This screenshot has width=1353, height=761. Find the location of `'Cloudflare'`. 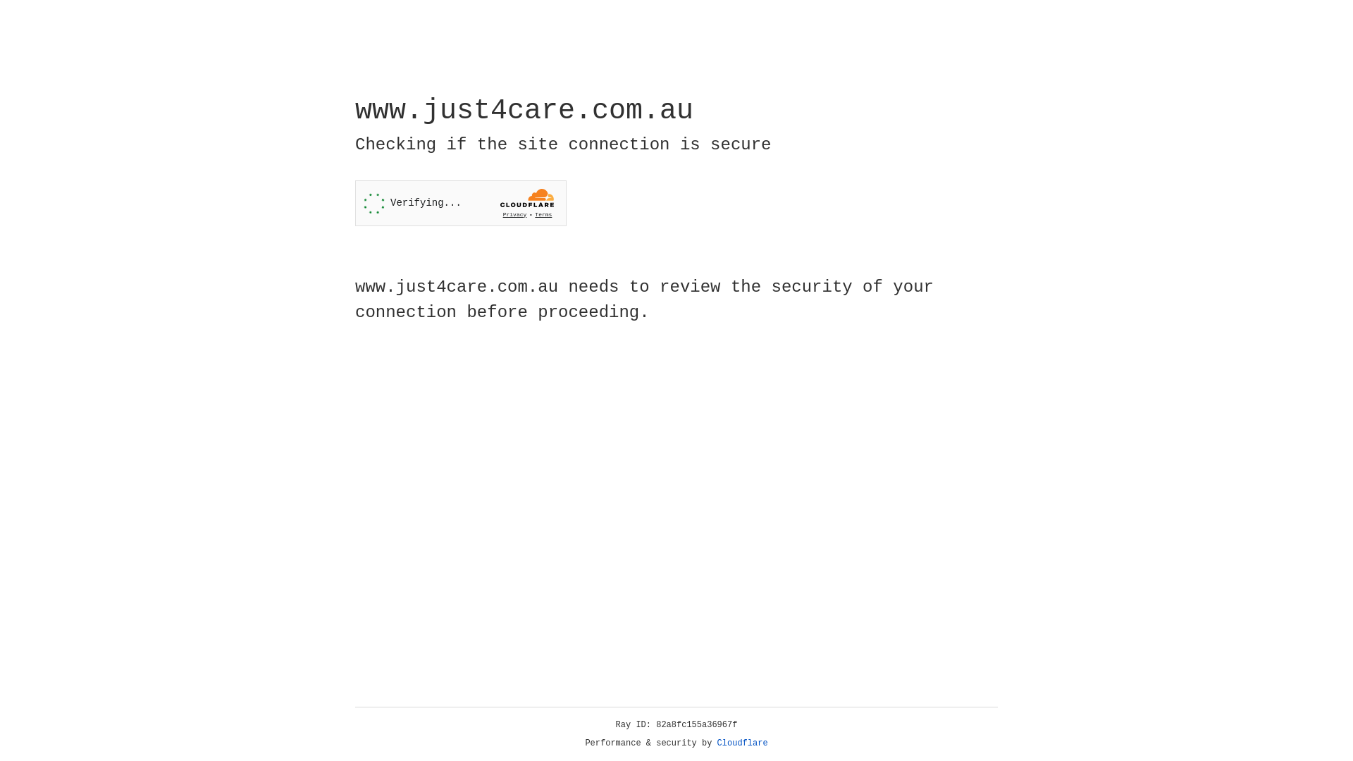

'Cloudflare' is located at coordinates (742, 743).